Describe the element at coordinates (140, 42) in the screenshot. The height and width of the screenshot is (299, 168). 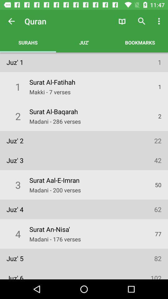
I see `the bookmarks app` at that location.